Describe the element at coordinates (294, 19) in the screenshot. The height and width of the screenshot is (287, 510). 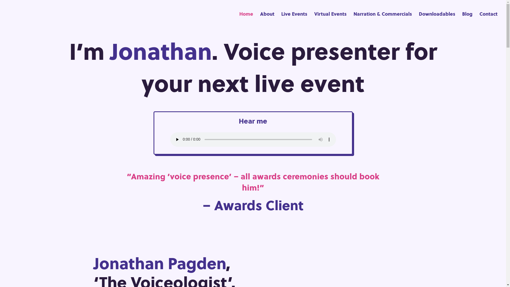
I see `'Live Events'` at that location.